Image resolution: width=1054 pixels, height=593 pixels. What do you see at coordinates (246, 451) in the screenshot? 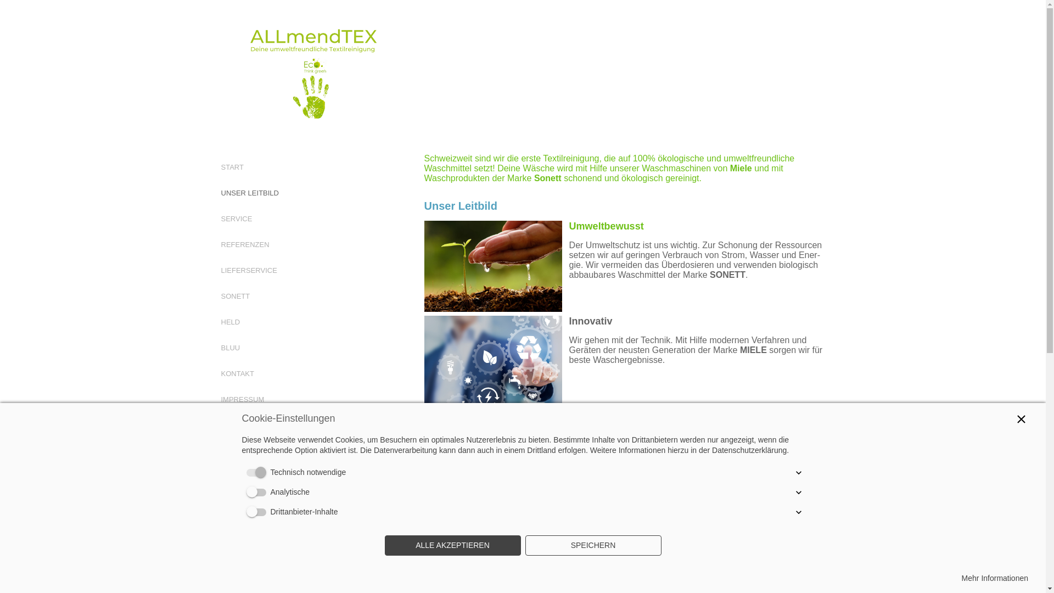
I see `'DATENSCHUTZ'` at bounding box center [246, 451].